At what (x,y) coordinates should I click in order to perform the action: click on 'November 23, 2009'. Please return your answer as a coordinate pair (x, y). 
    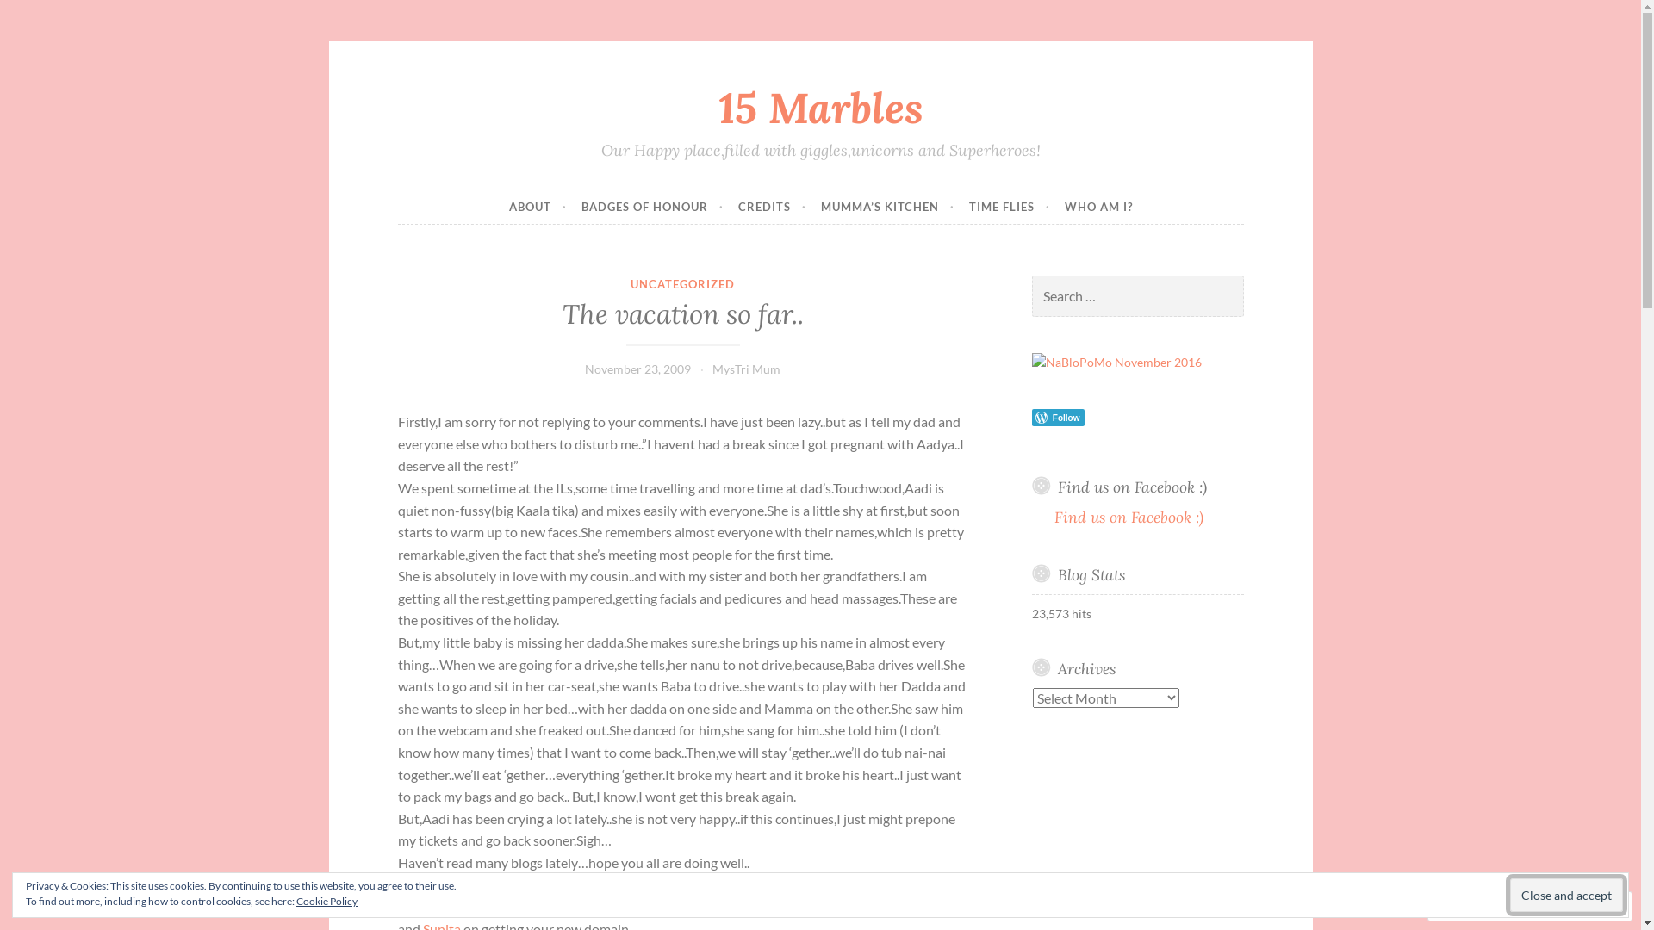
    Looking at the image, I should click on (584, 368).